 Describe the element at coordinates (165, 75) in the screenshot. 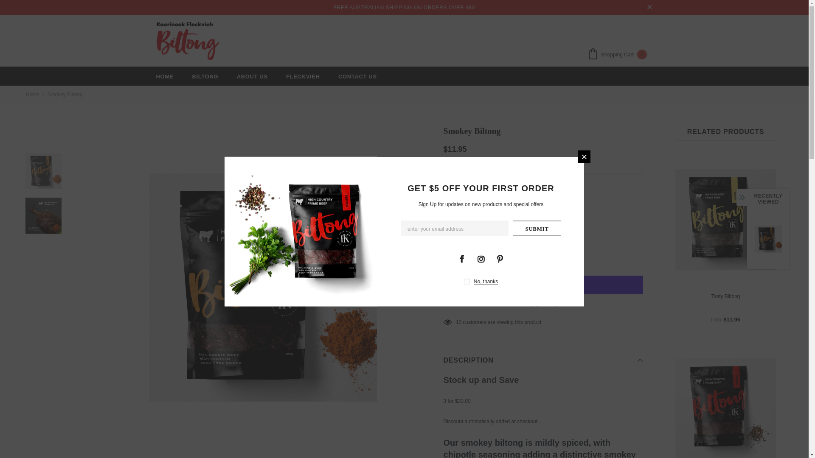

I see `'HOME'` at that location.